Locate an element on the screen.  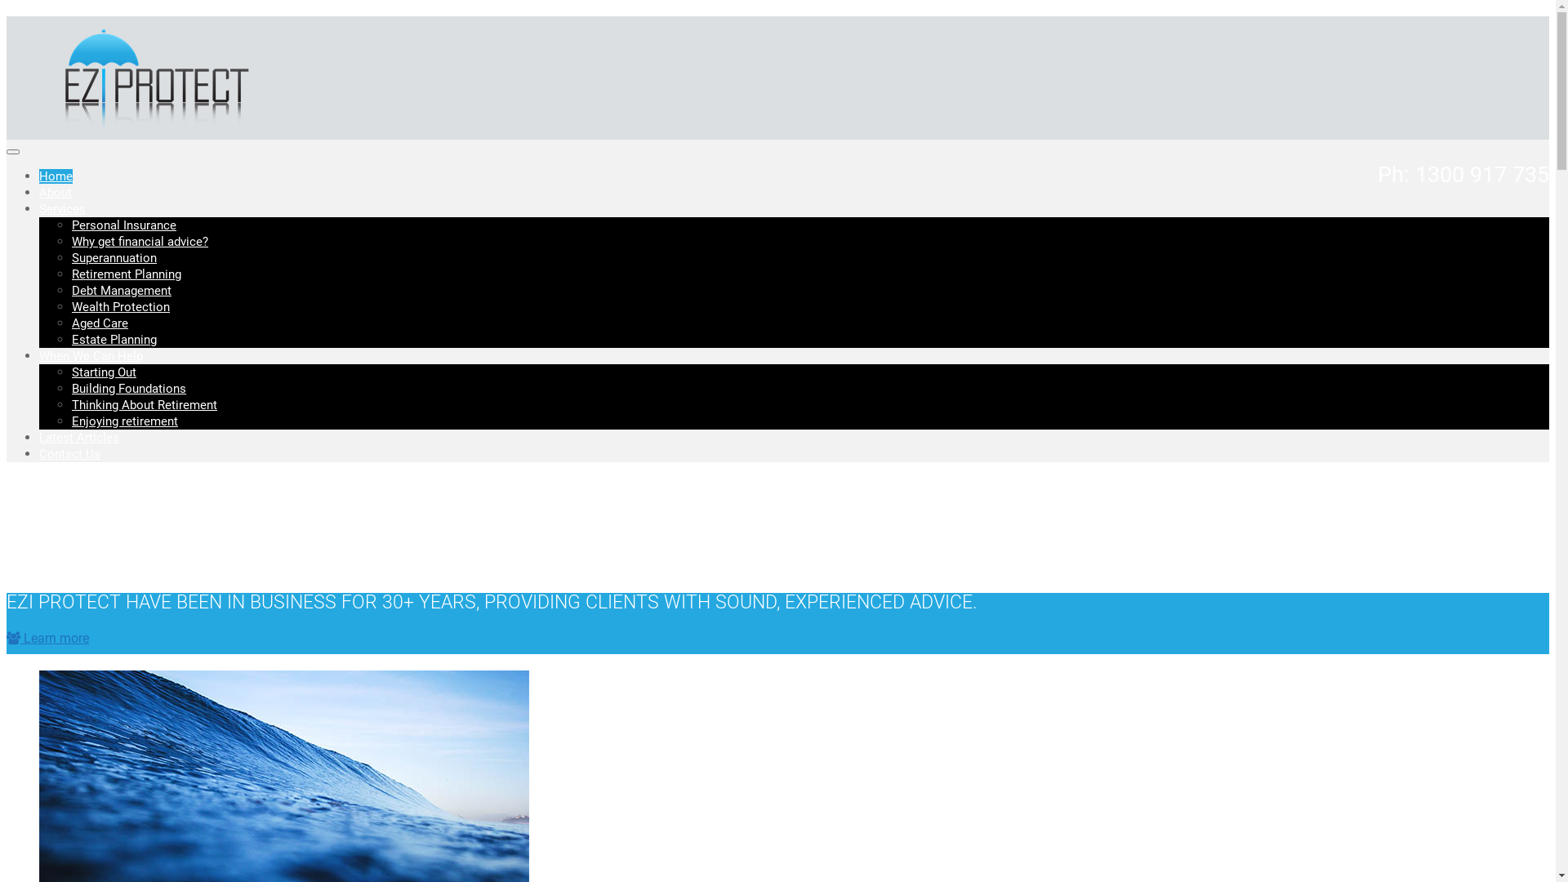
'Why get financial advice?' is located at coordinates (140, 242).